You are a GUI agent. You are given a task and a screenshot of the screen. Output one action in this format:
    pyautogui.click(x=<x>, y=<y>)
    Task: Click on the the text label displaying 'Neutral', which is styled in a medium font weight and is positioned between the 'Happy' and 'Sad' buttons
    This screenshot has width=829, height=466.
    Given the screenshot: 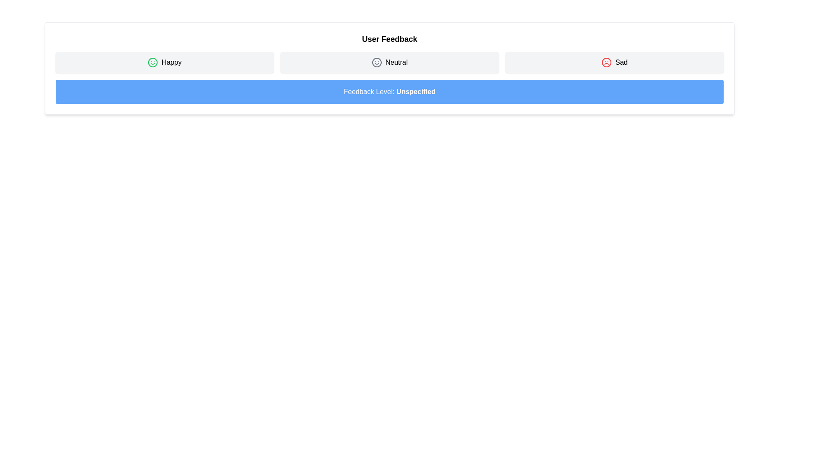 What is the action you would take?
    pyautogui.click(x=396, y=62)
    